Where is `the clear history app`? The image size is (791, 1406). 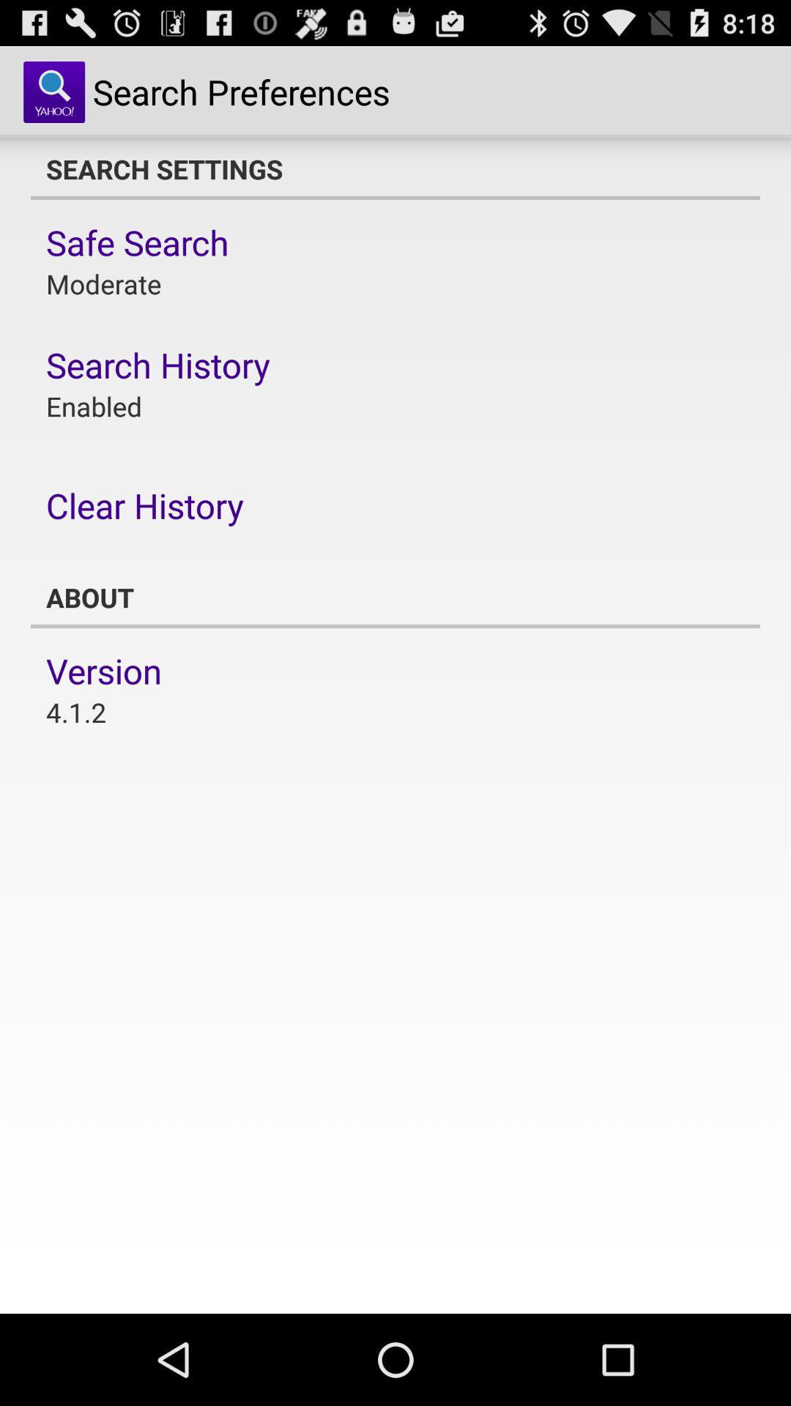
the clear history app is located at coordinates (144, 505).